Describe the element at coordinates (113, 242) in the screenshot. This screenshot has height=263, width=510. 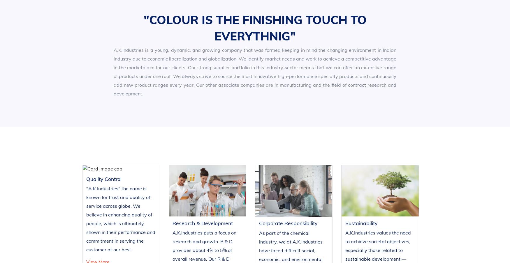
I see `'Research and Development'` at that location.